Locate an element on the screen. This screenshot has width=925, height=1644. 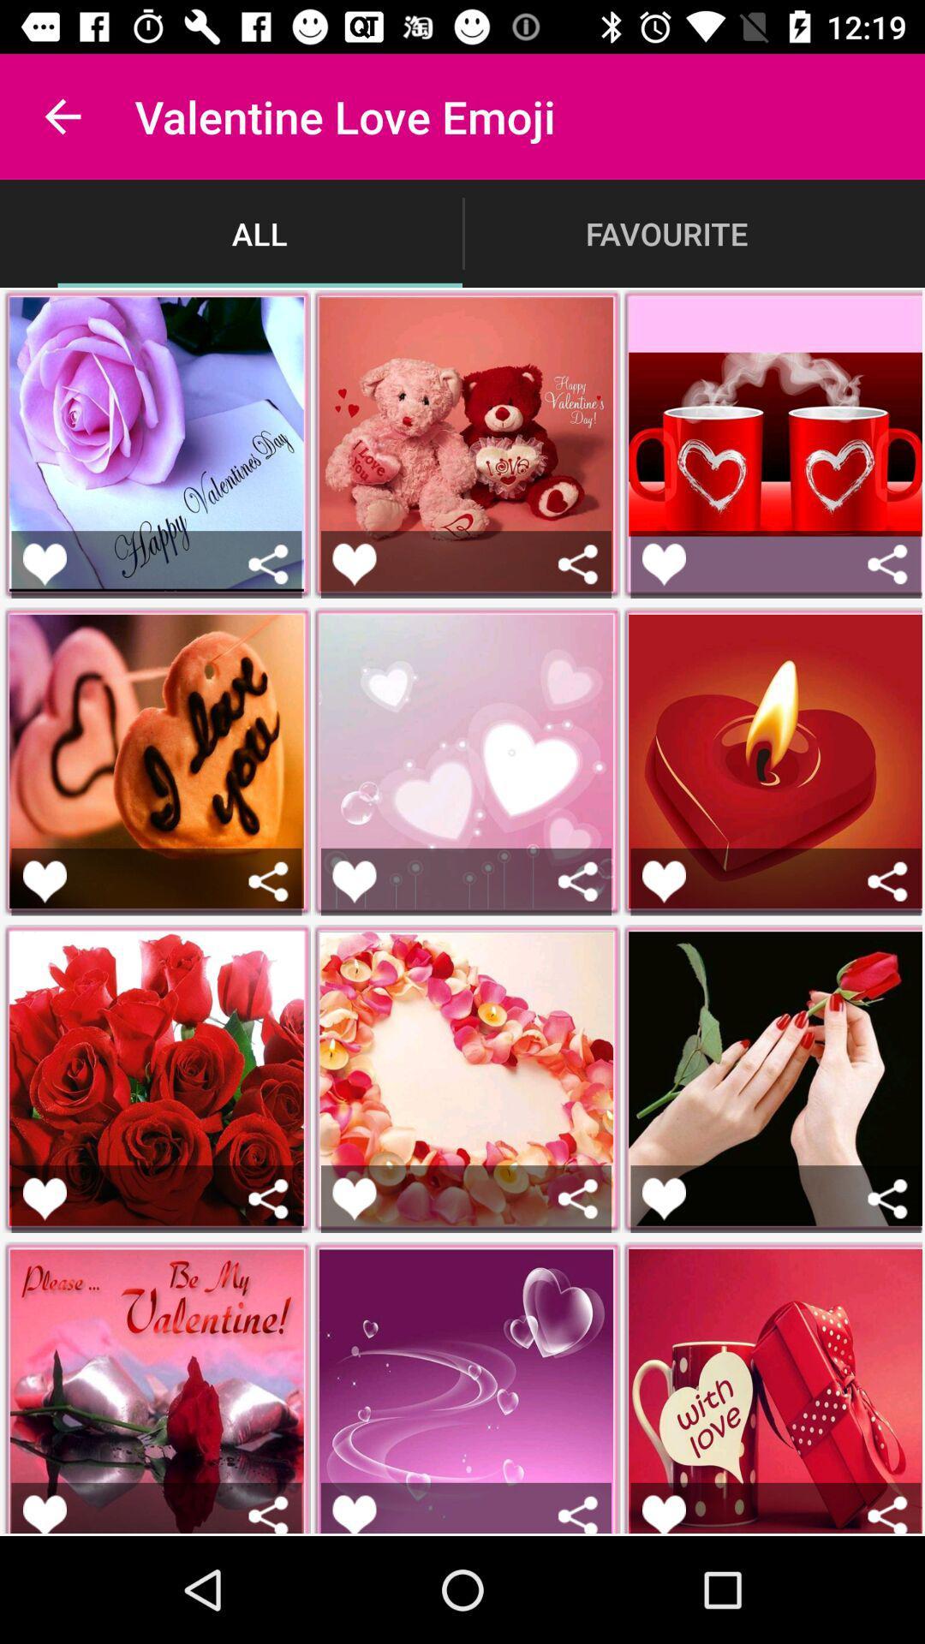
share is located at coordinates (578, 1514).